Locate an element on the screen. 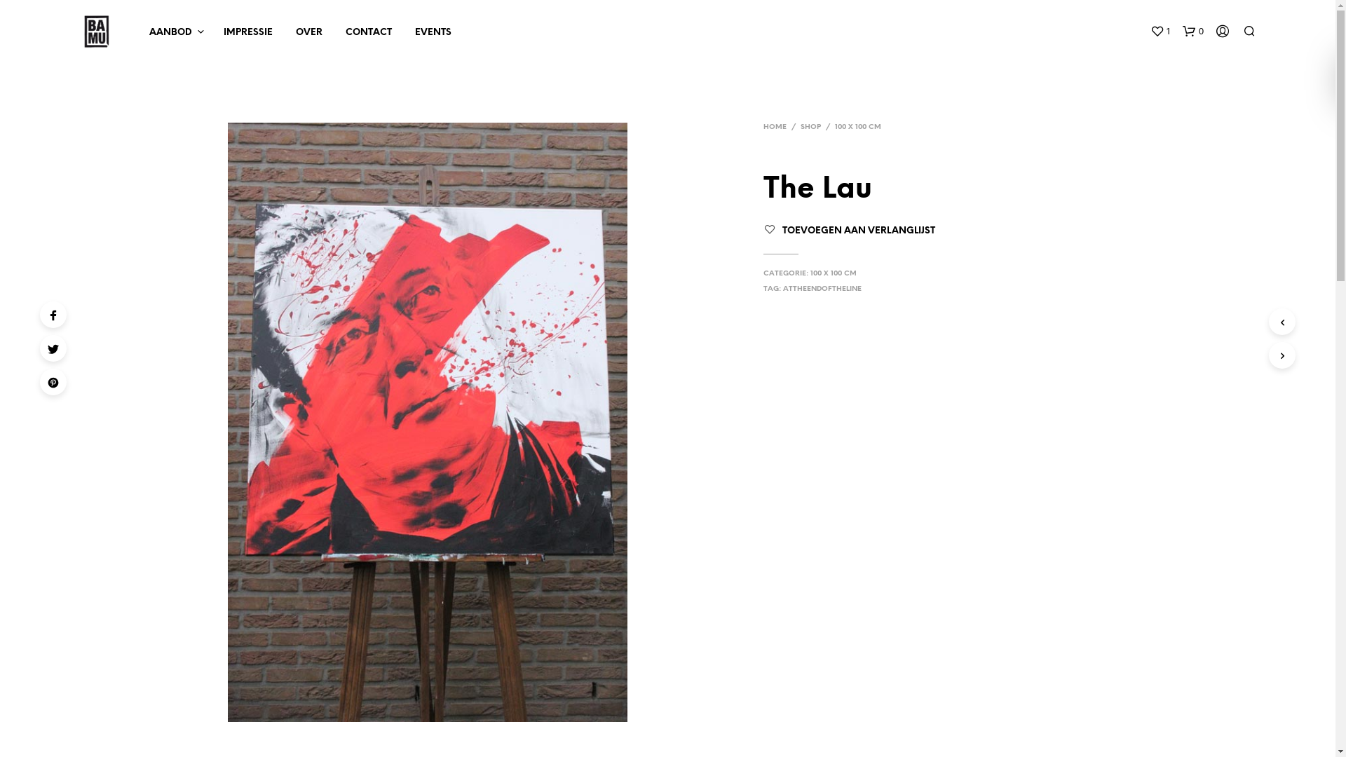  'SHOP' is located at coordinates (810, 127).